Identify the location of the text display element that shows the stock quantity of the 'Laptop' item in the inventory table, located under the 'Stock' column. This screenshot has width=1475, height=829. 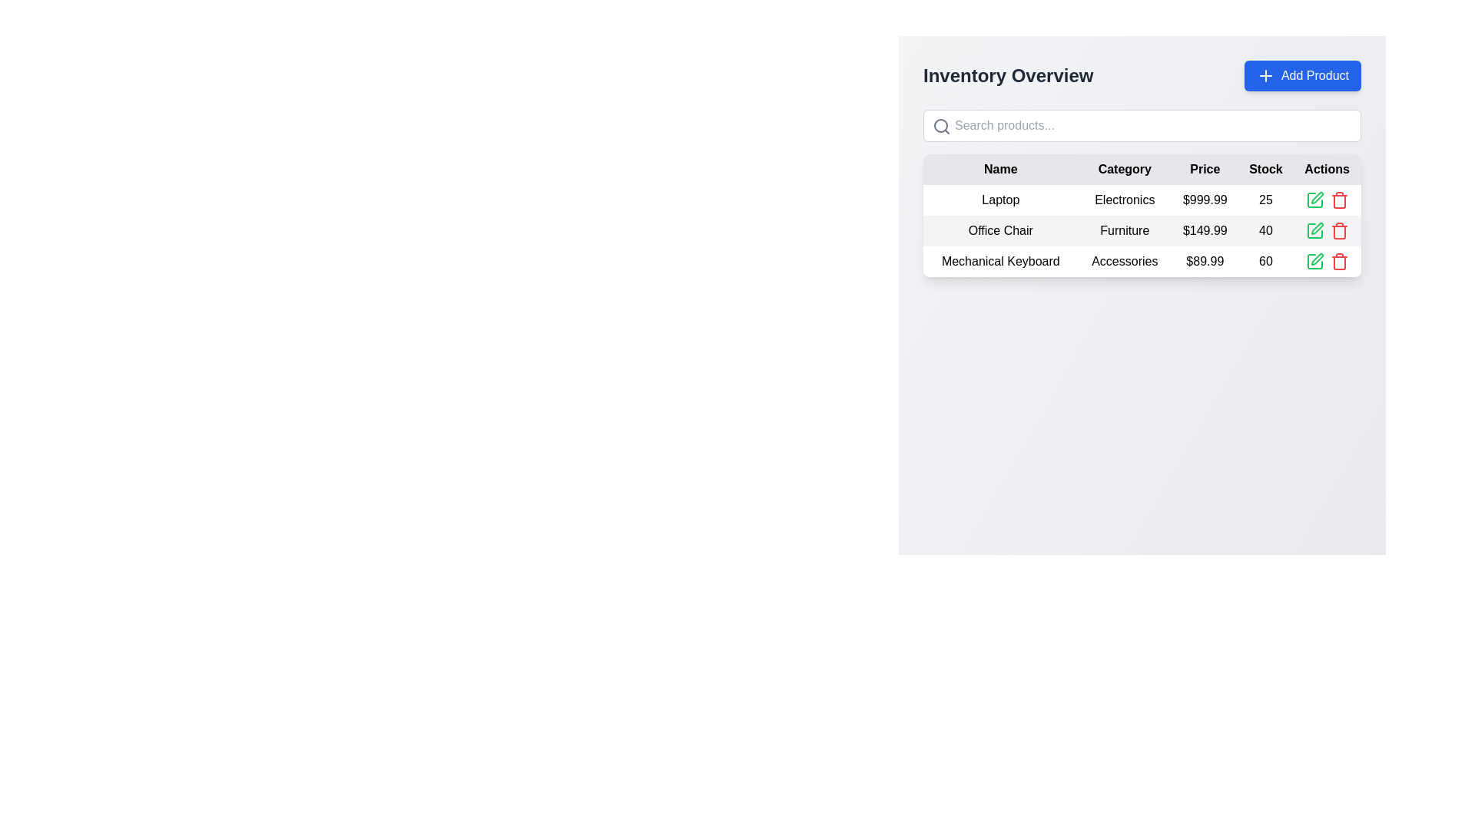
(1265, 200).